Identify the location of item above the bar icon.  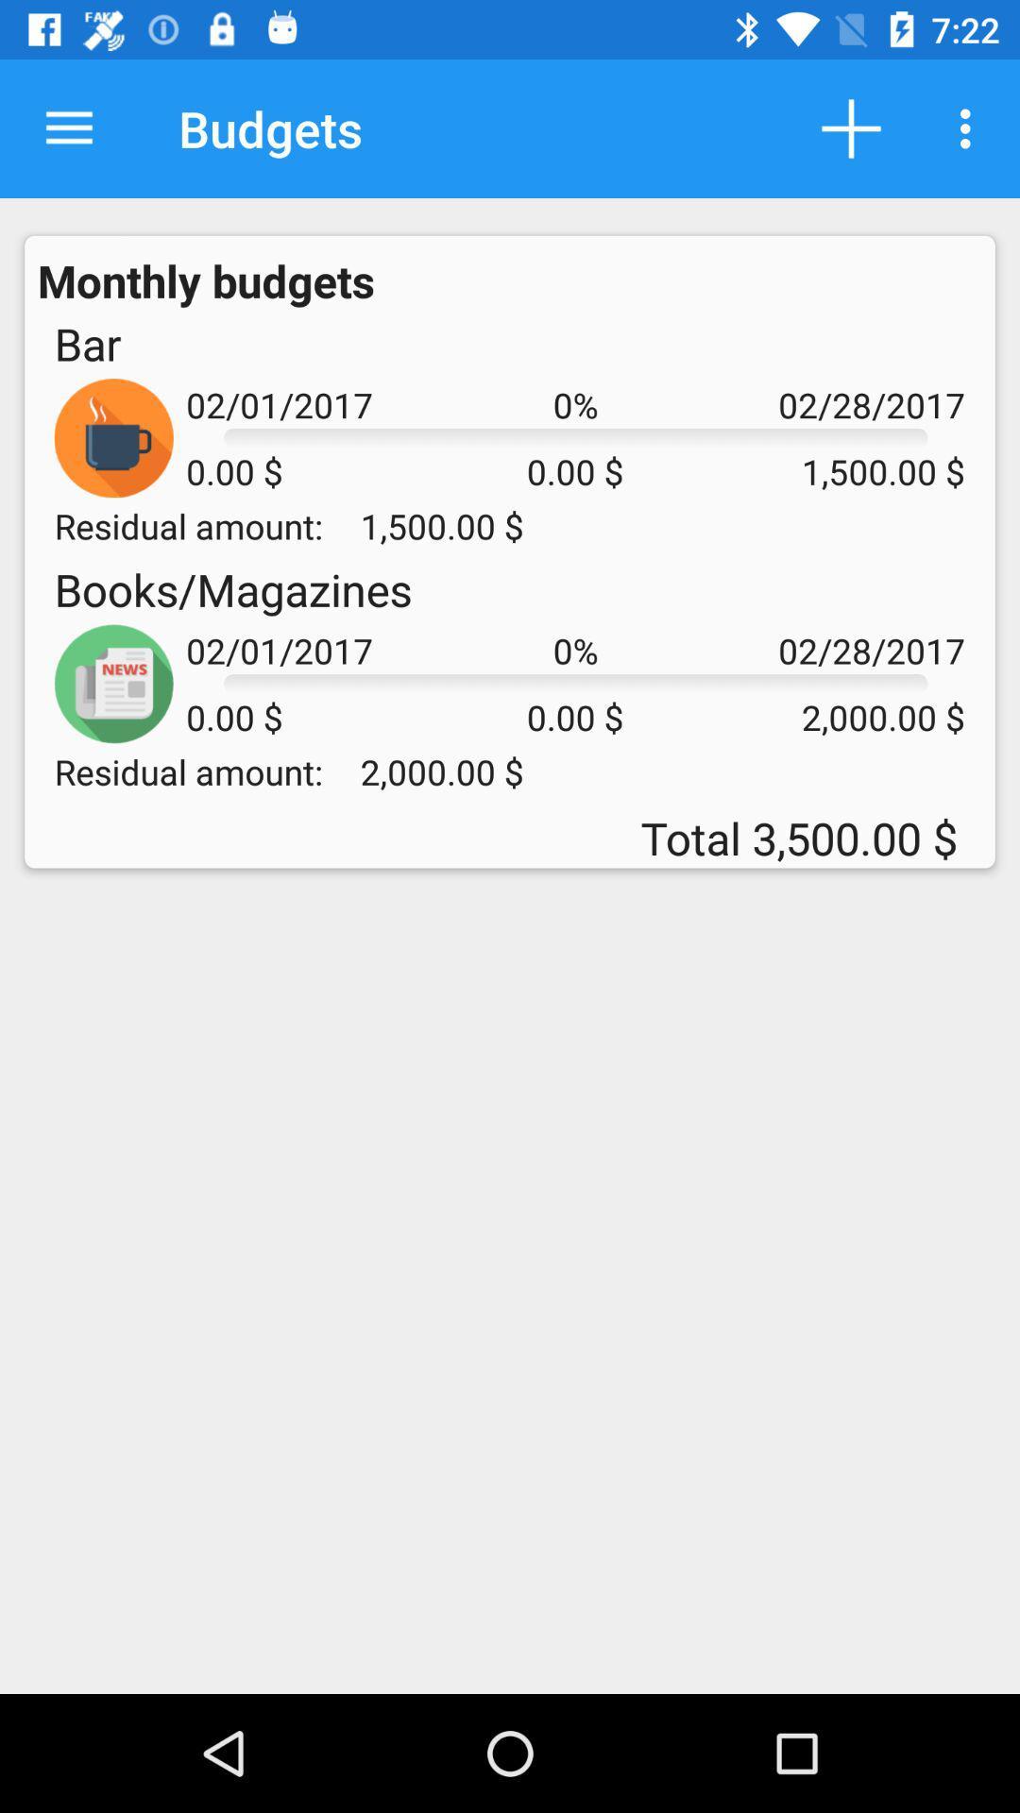
(206, 280).